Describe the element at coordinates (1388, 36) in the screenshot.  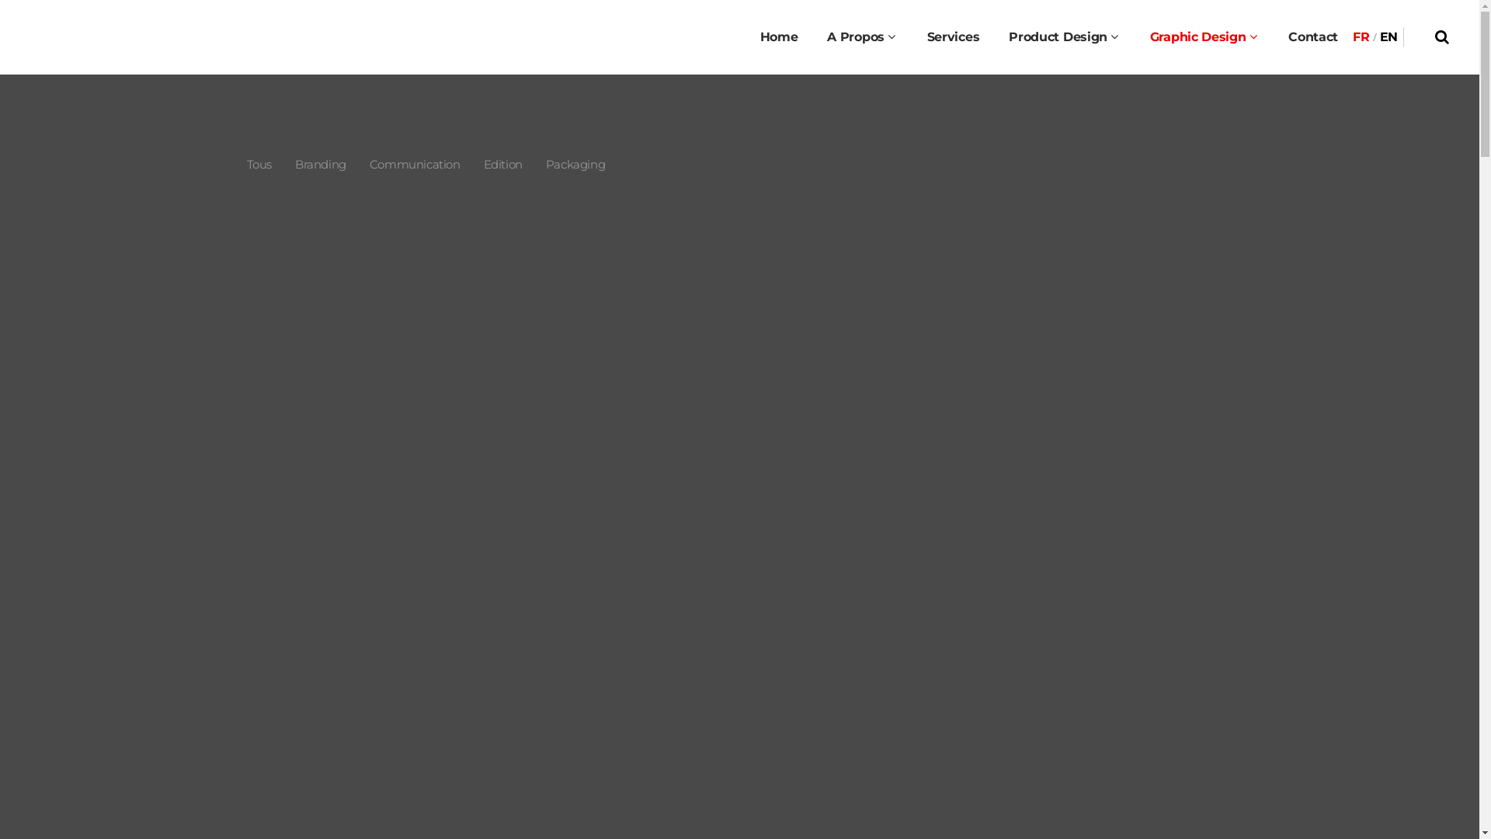
I see `'EN'` at that location.